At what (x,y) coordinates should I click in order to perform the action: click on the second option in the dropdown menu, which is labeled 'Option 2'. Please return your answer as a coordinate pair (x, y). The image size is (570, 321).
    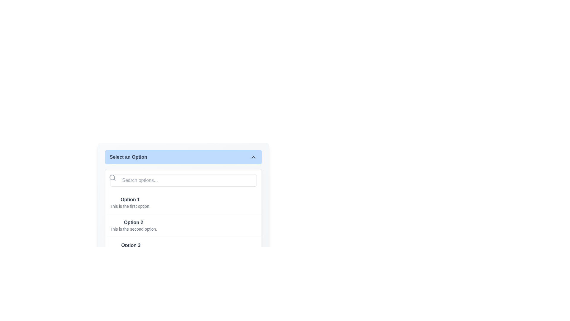
    Looking at the image, I should click on (183, 225).